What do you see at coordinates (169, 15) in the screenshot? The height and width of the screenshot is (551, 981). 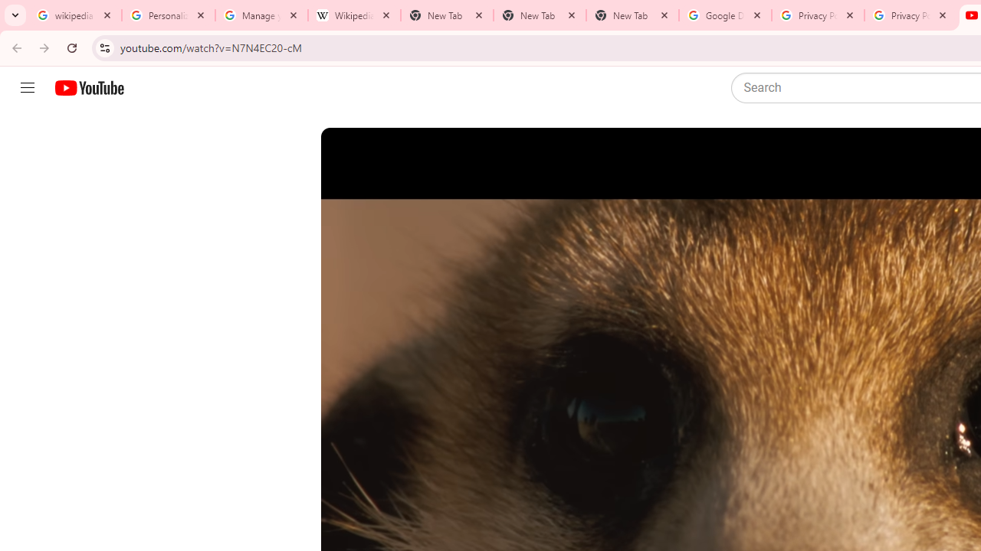 I see `'Personalization & Google Search results - Google Search Help'` at bounding box center [169, 15].